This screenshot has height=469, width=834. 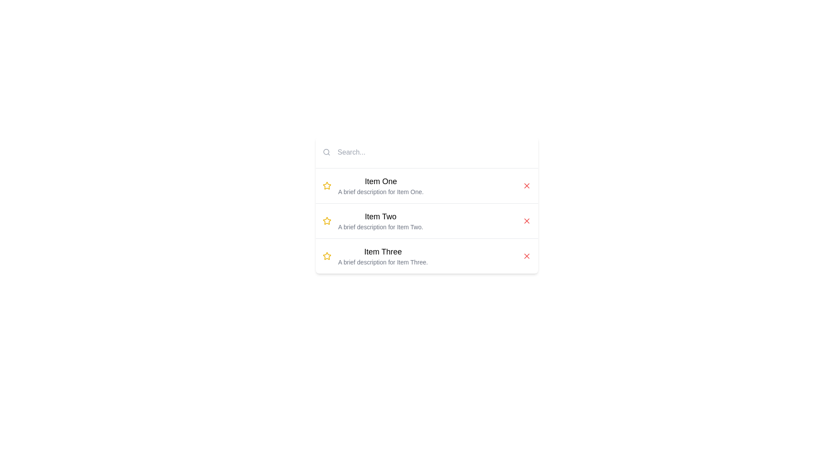 I want to click on the star icon associated with 'Item Three', so click(x=326, y=256).